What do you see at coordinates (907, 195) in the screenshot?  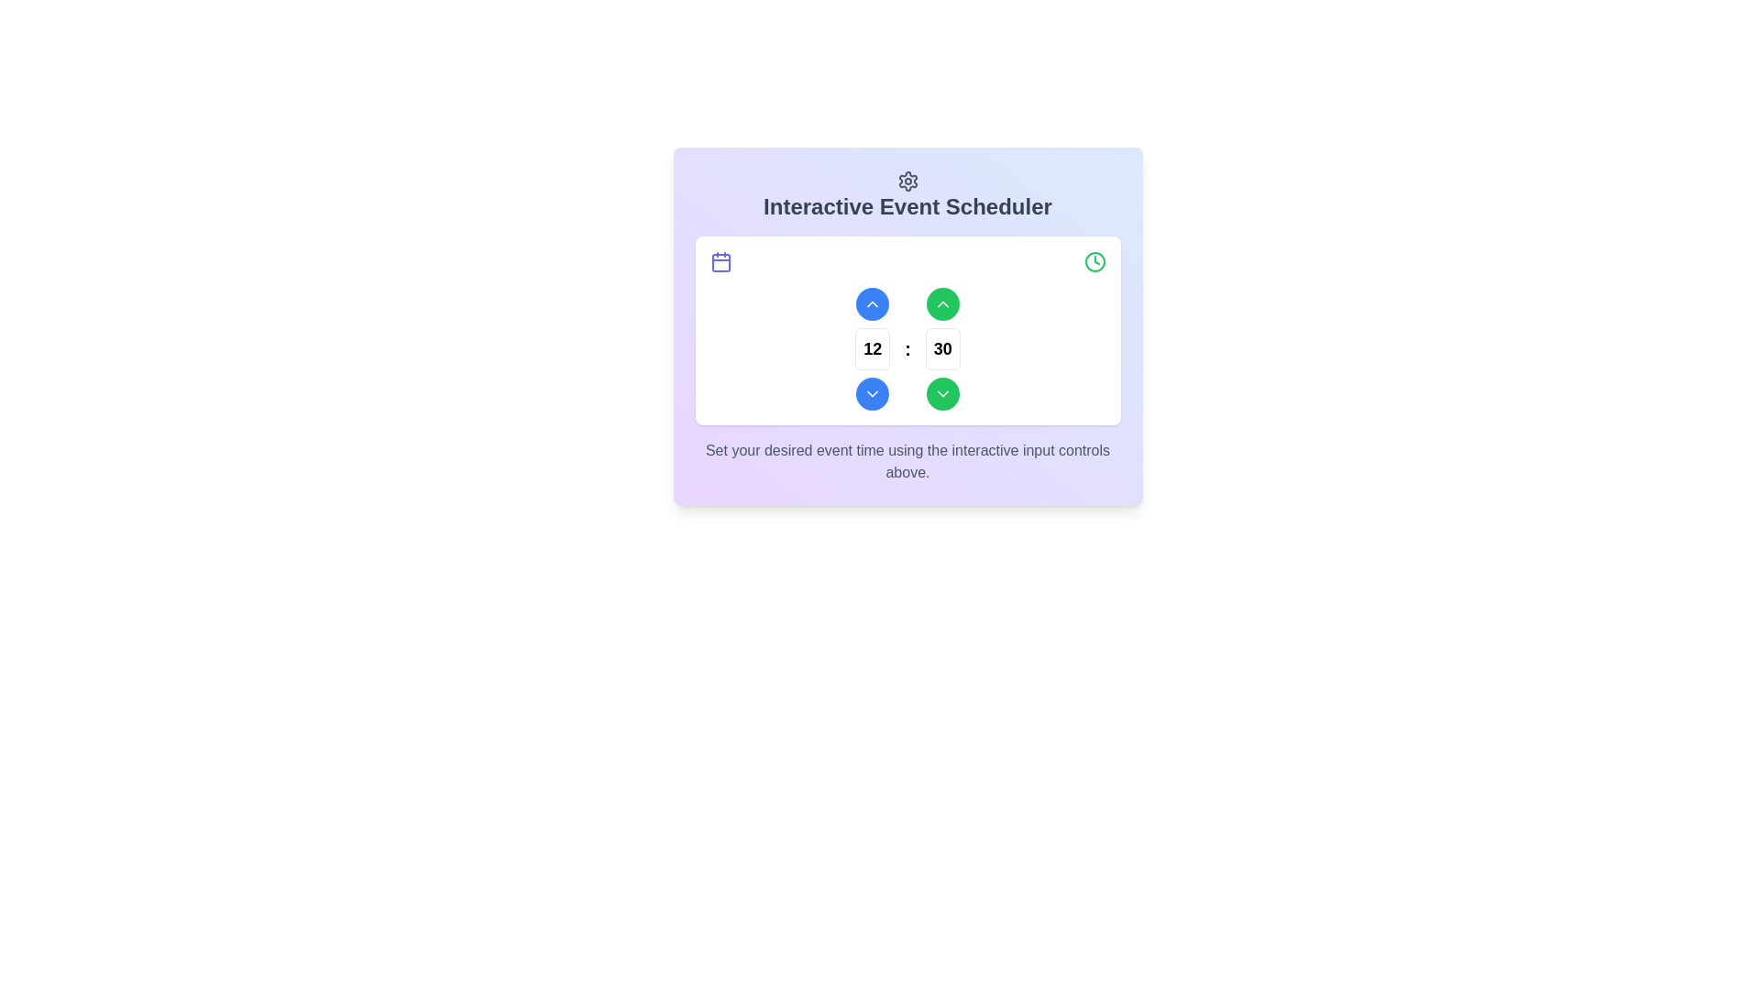 I see `the header 'Interactive Event Scheduler' with the gear icon` at bounding box center [907, 195].